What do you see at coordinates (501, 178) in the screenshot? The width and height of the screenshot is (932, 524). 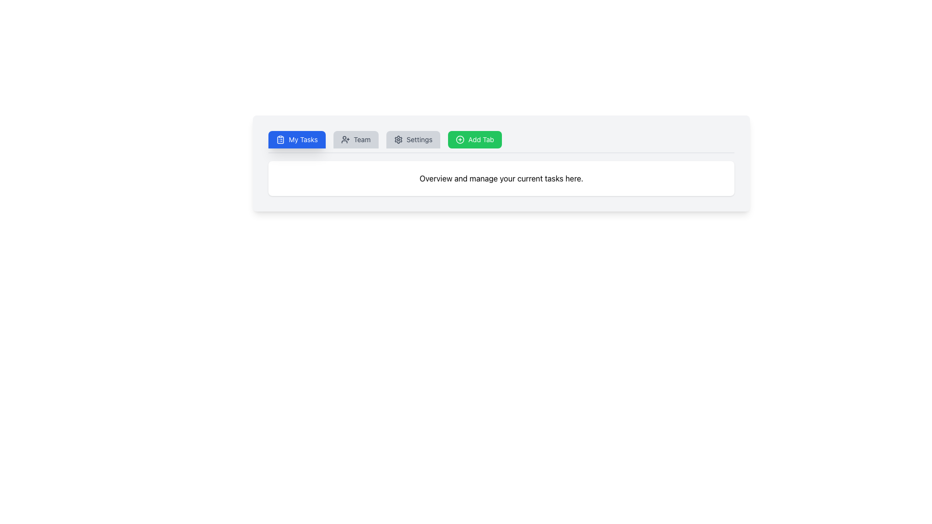 I see `the text label displaying 'Overview and manage your current tasks here.' which is centrally aligned beneath the tab row of 'My Tasks', 'Team', 'Settings', 'Add Tab'` at bounding box center [501, 178].